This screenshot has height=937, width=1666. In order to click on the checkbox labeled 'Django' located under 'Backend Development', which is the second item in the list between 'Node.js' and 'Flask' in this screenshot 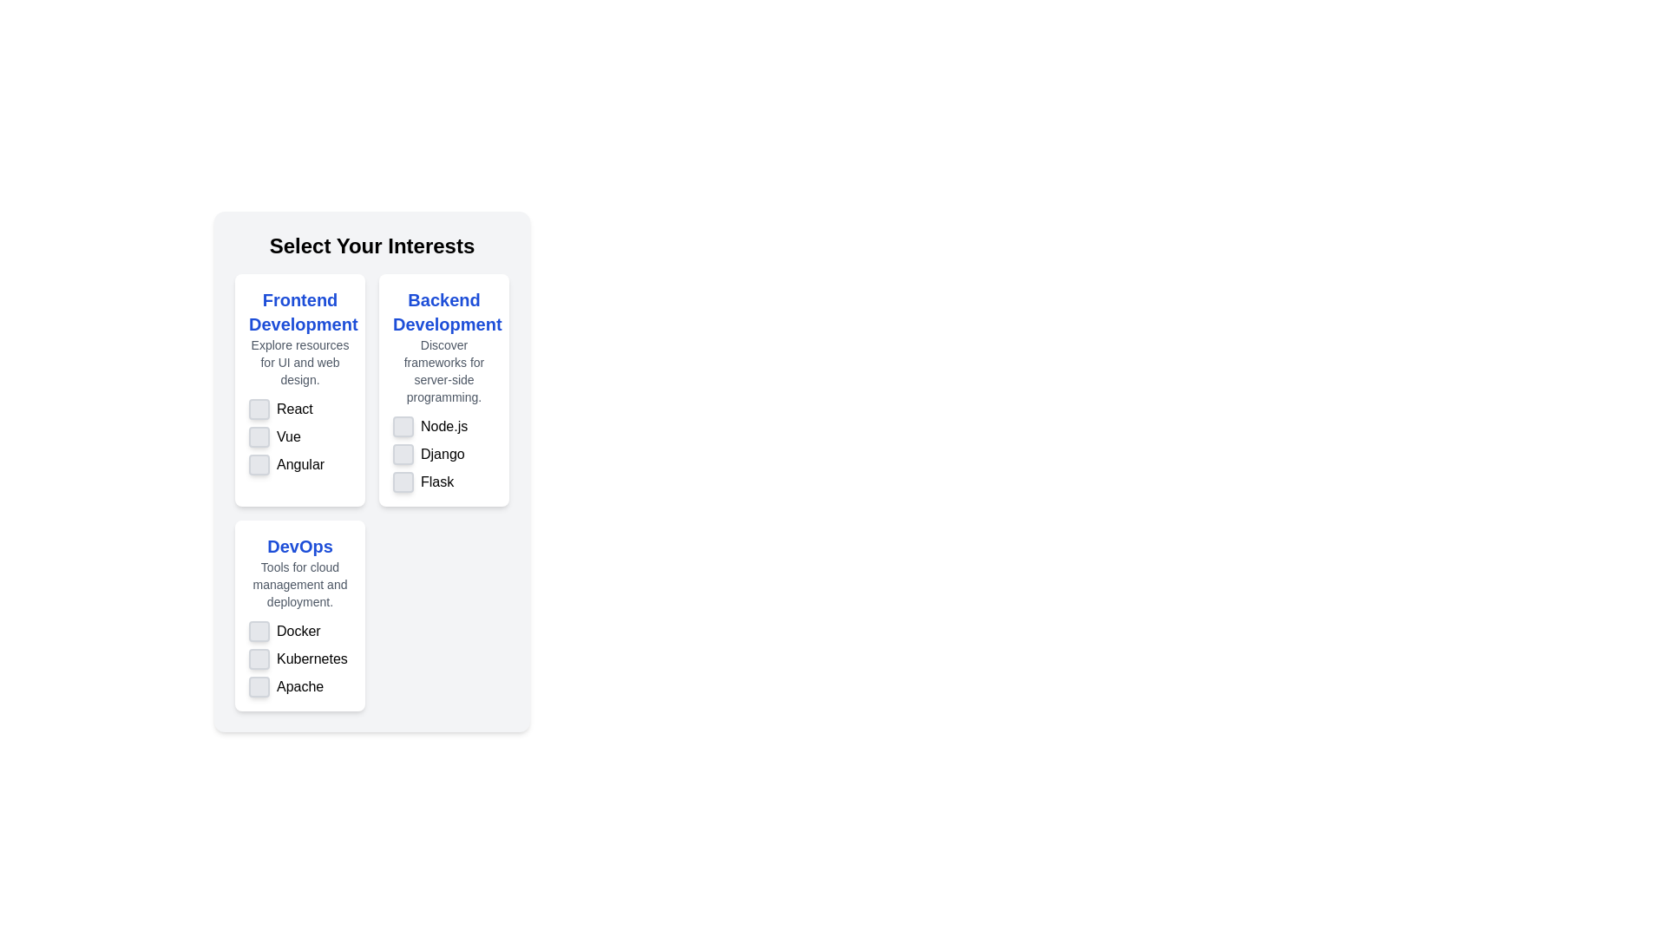, I will do `click(444, 454)`.